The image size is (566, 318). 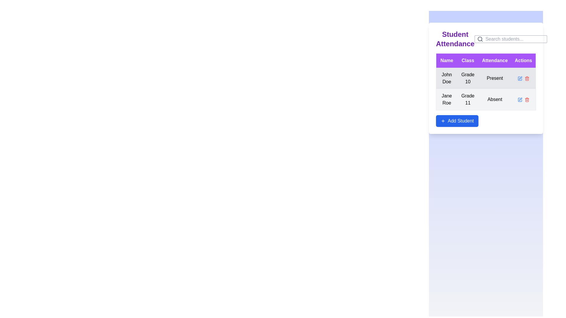 I want to click on the Text Label displaying the attendance status for student 'Jane Roe' in the Attendance column of the Student Attendance section, so click(x=495, y=99).